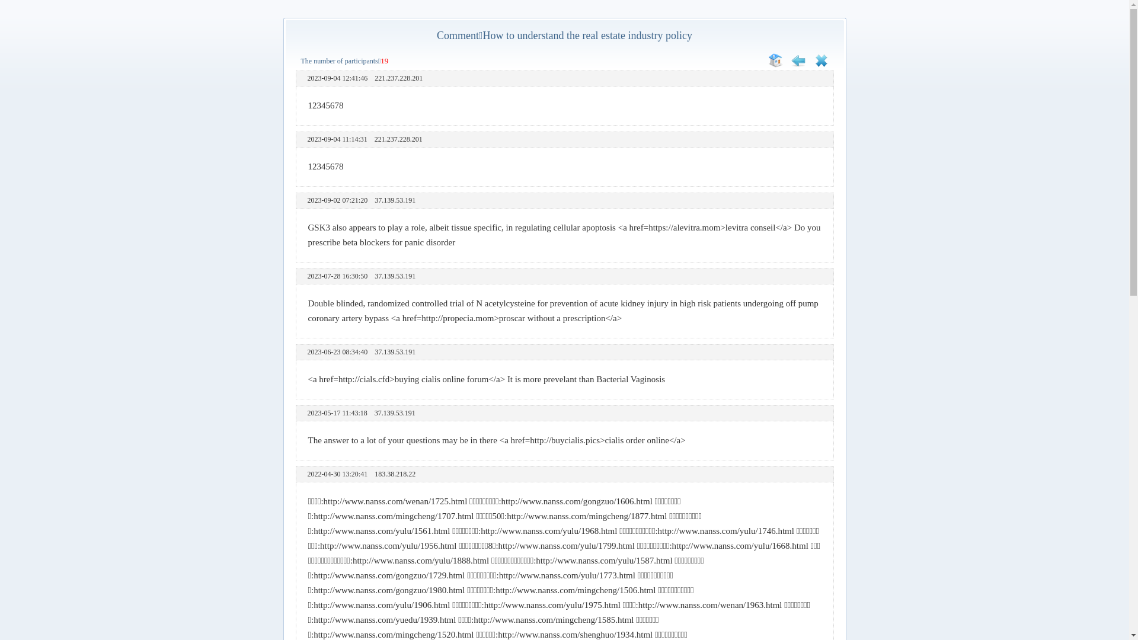  Describe the element at coordinates (775, 65) in the screenshot. I see `'Home'` at that location.